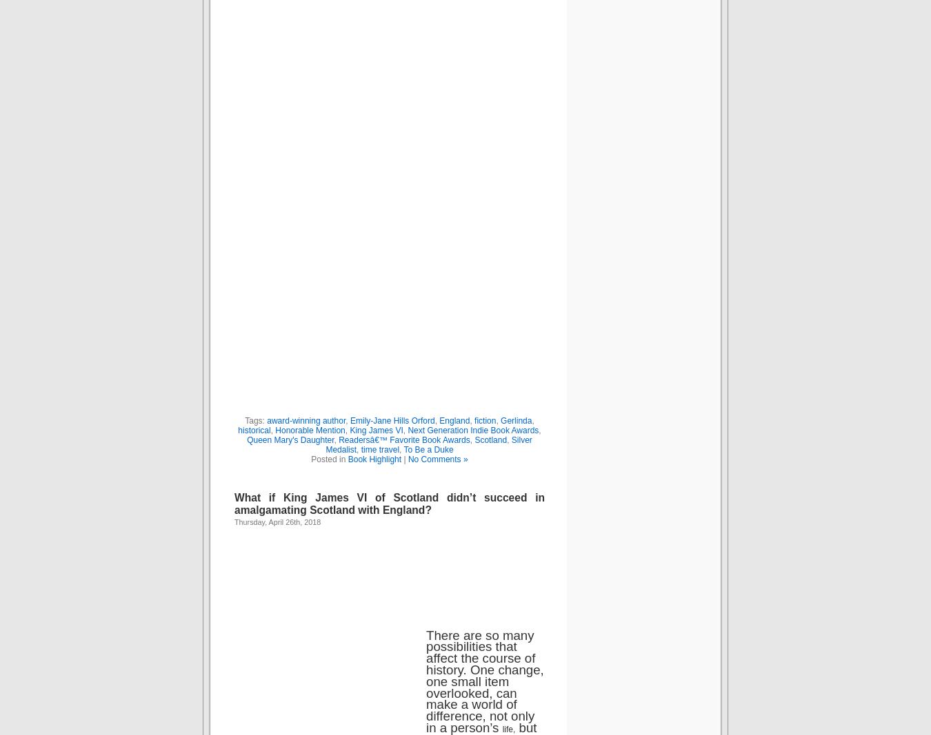 This screenshot has width=931, height=735. What do you see at coordinates (277, 521) in the screenshot?
I see `'Thursday, April 26th, 2018'` at bounding box center [277, 521].